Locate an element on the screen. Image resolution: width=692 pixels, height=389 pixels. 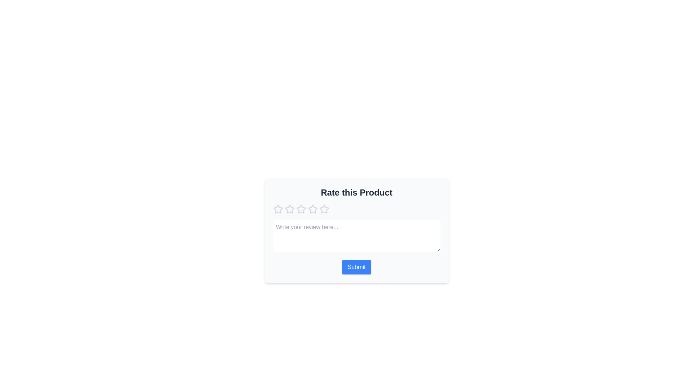
the star corresponding to 5 stars to set the rating is located at coordinates (324, 209).